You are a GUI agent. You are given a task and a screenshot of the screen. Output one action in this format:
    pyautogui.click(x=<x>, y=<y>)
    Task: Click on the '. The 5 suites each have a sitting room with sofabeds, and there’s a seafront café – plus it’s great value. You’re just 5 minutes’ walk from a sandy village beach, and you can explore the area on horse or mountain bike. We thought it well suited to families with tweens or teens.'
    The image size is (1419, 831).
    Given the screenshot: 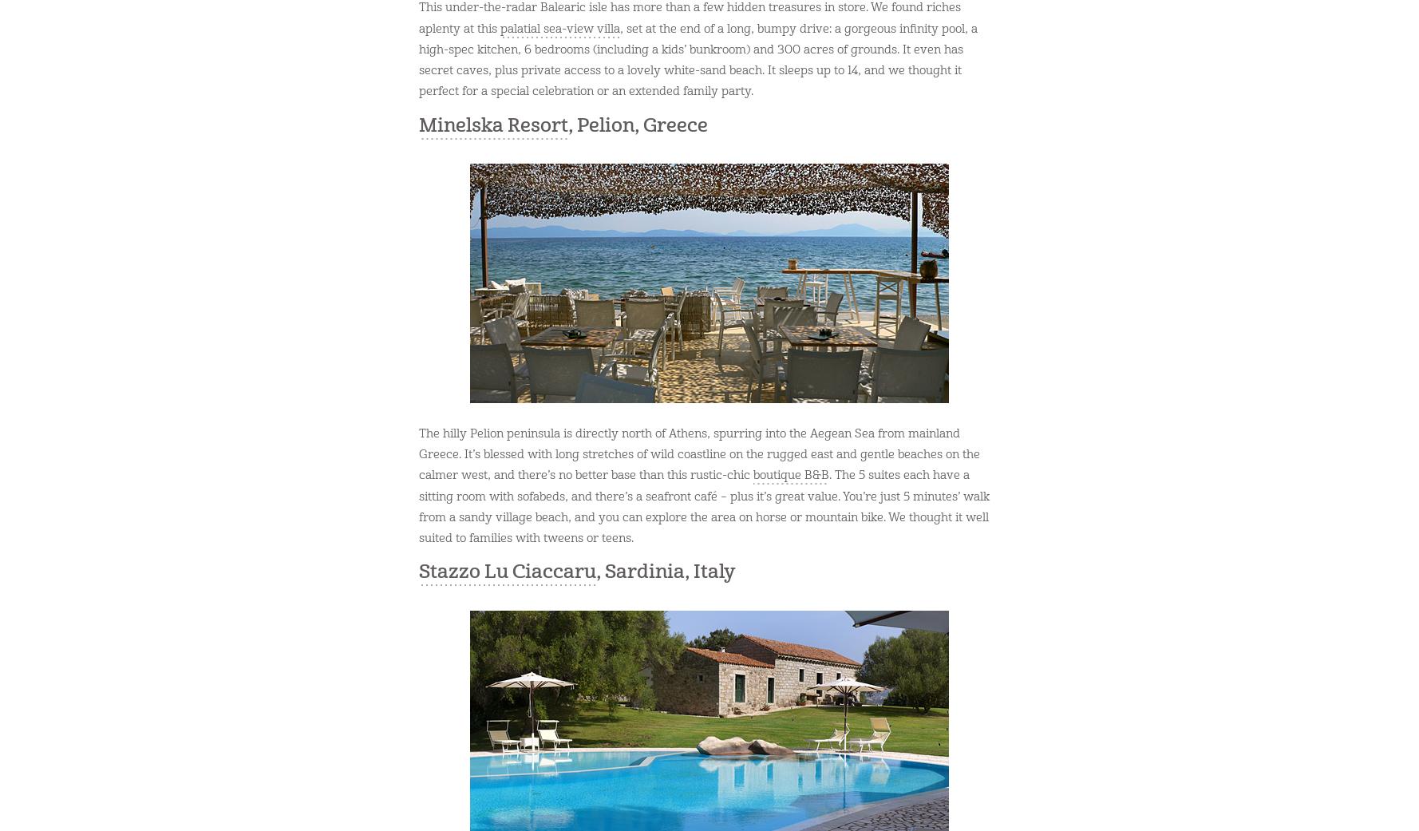 What is the action you would take?
    pyautogui.click(x=419, y=506)
    